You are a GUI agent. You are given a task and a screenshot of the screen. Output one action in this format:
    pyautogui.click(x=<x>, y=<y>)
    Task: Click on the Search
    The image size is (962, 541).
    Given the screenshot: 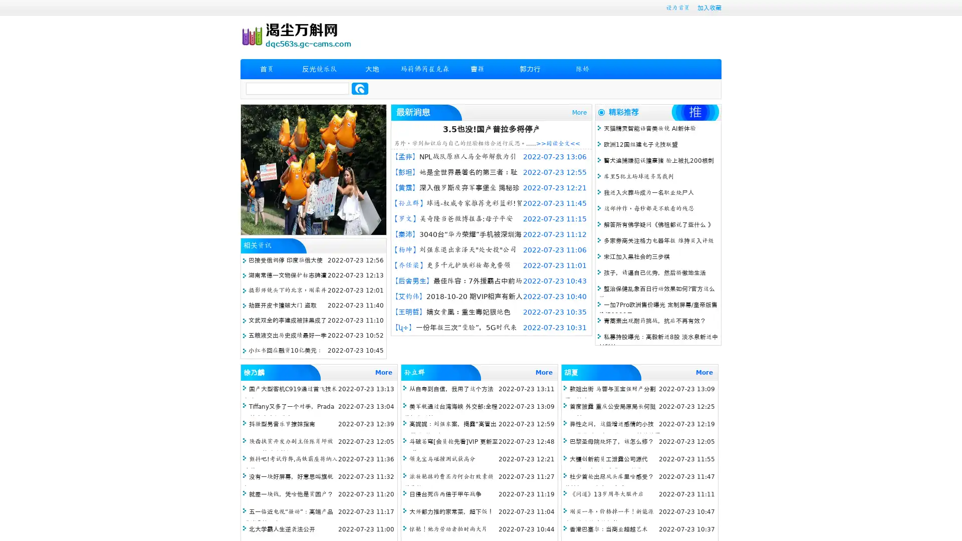 What is the action you would take?
    pyautogui.click(x=360, y=88)
    